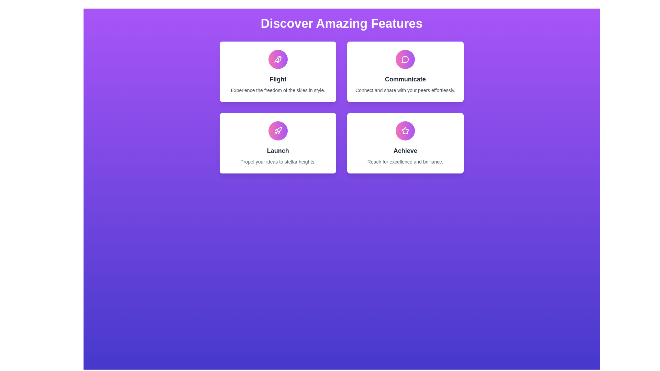 The height and width of the screenshot is (371, 660). Describe the element at coordinates (405, 79) in the screenshot. I see `the text label displaying 'Communicate'` at that location.